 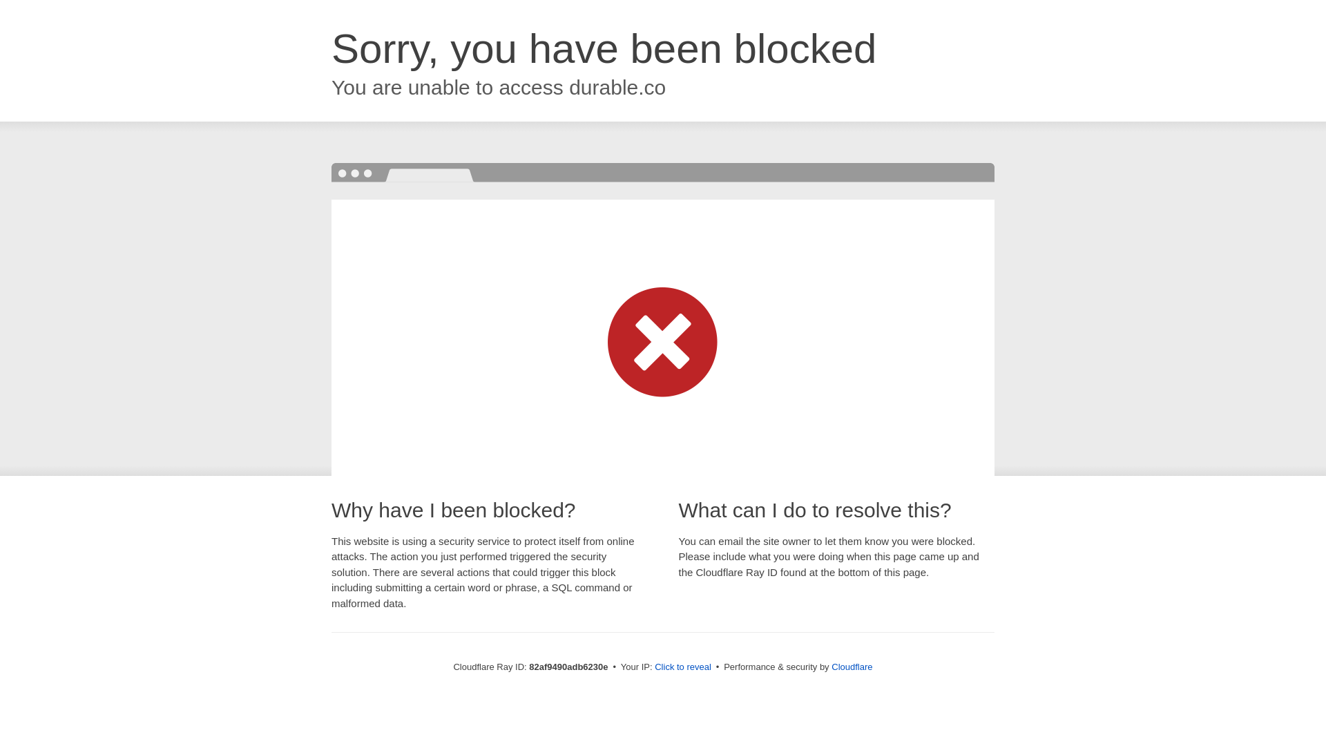 What do you see at coordinates (851, 666) in the screenshot?
I see `'Cloudflare'` at bounding box center [851, 666].